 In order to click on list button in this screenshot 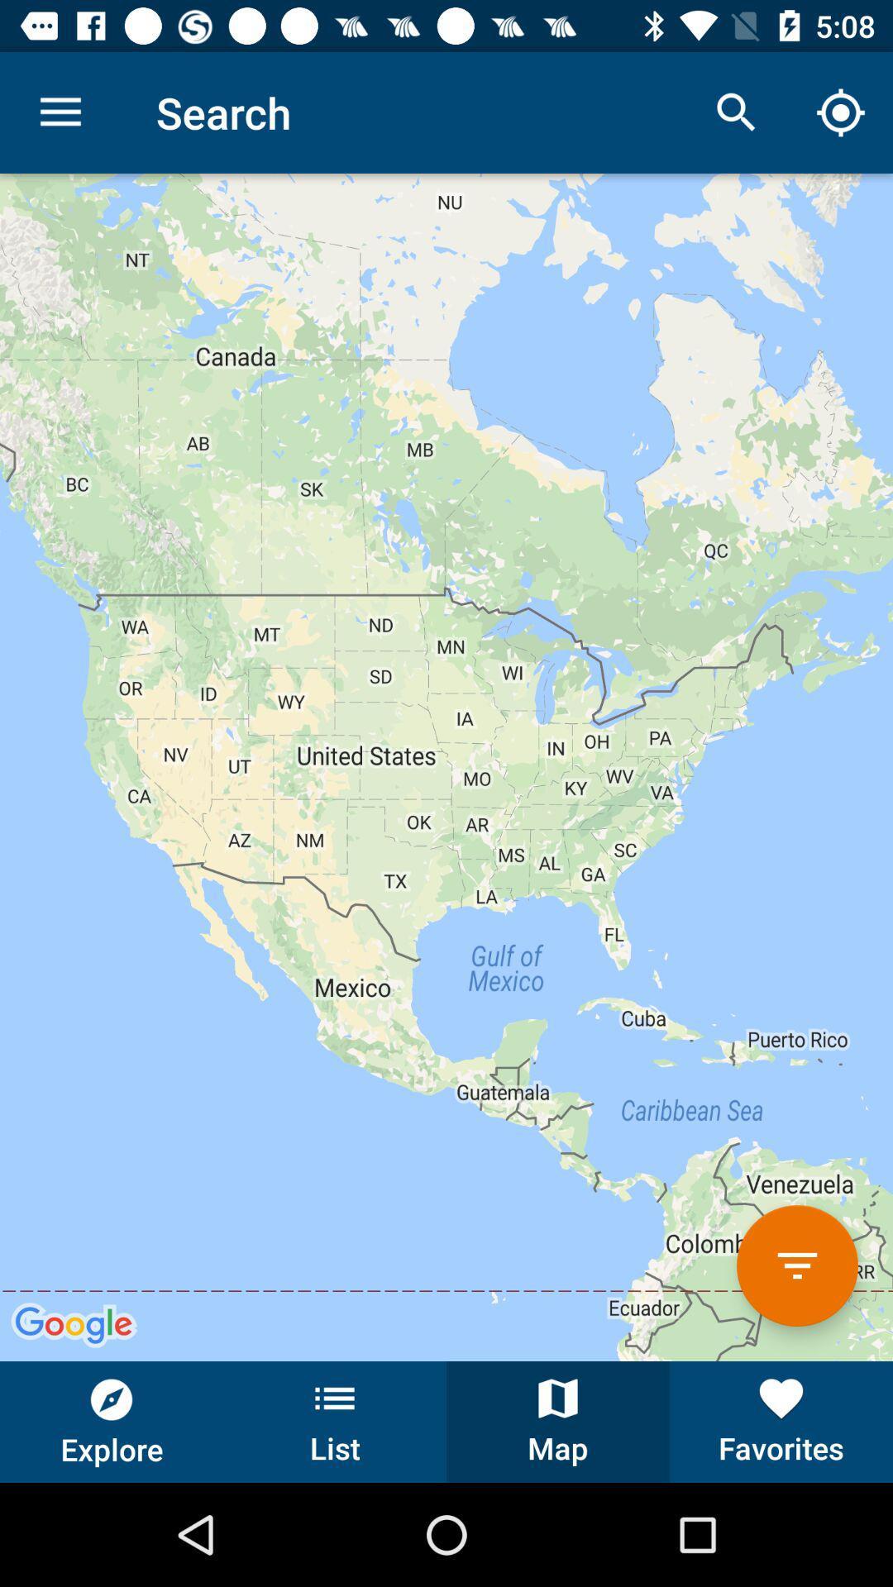, I will do `click(335, 1421)`.